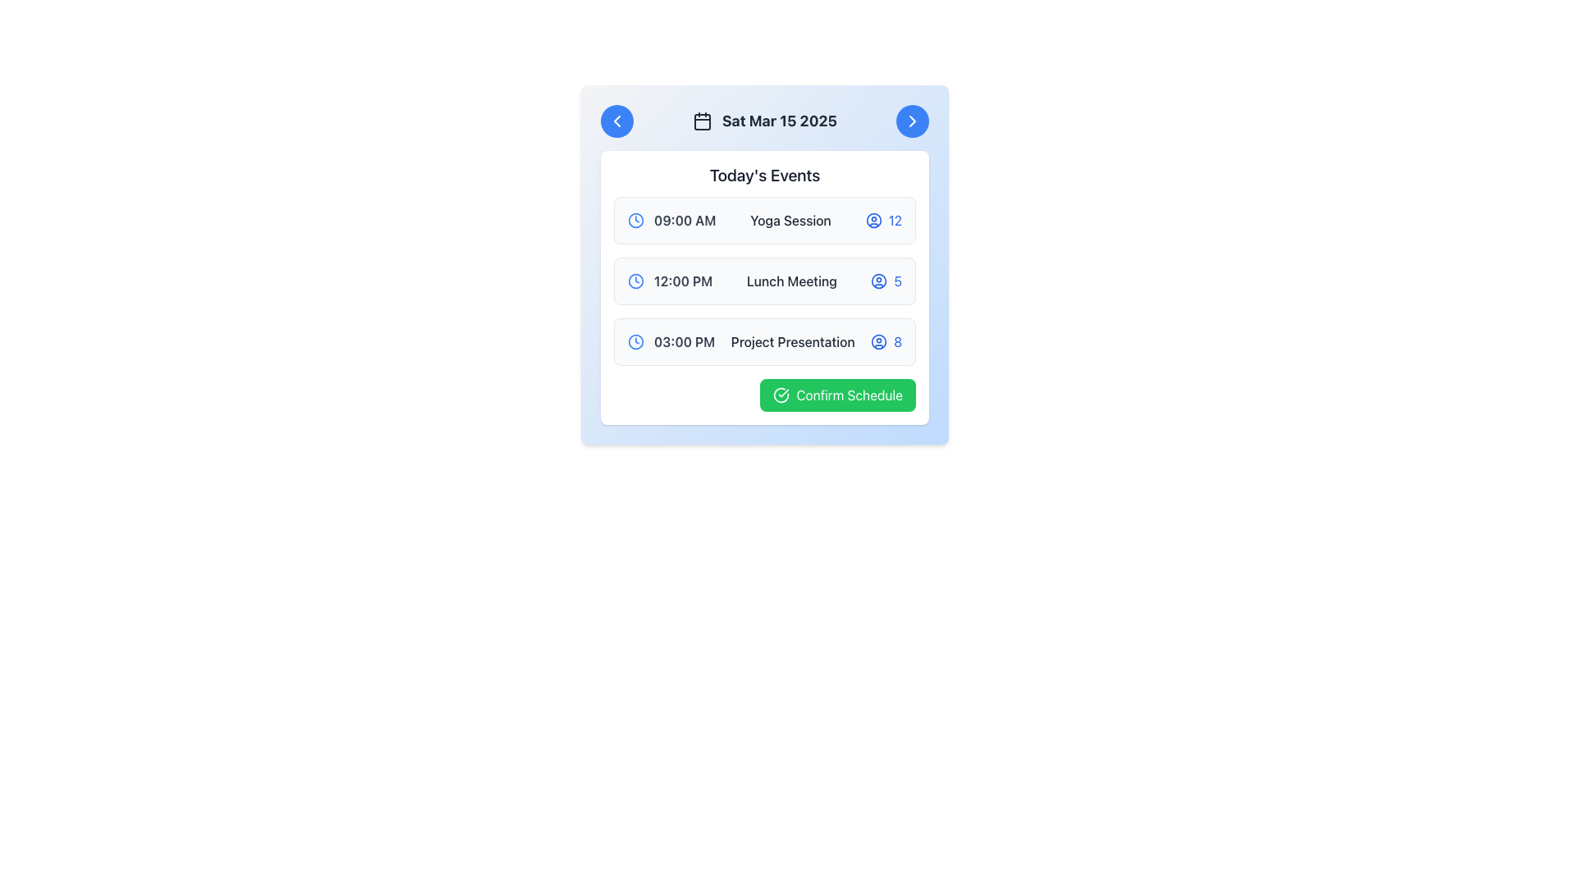 The height and width of the screenshot is (886, 1576). I want to click on the chevron icon located in the top-right corner of the card interface to trigger a tooltip or visual effect, so click(912, 120).